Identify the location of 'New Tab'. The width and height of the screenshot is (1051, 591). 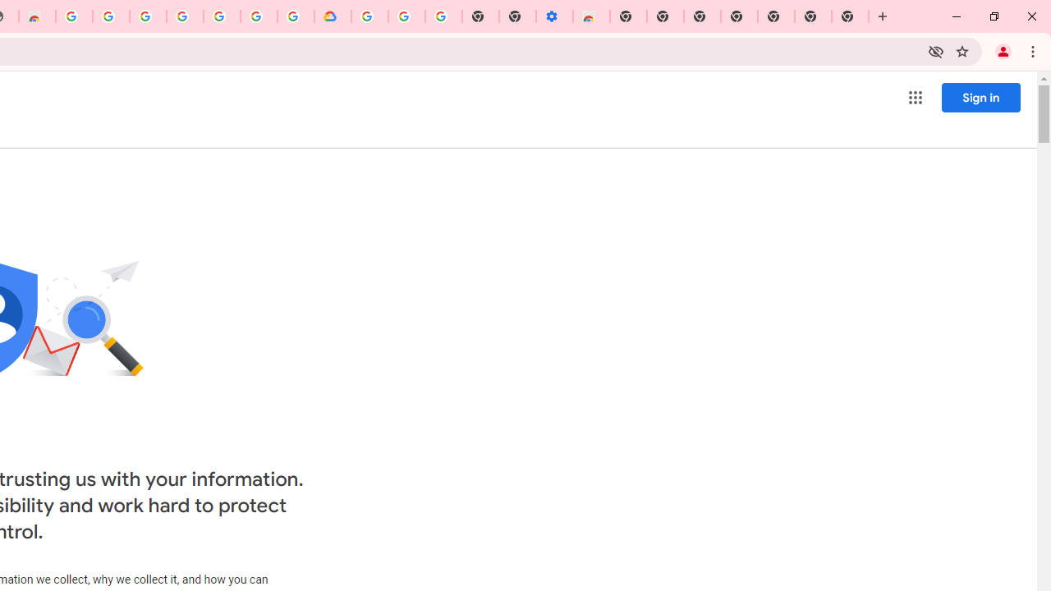
(850, 16).